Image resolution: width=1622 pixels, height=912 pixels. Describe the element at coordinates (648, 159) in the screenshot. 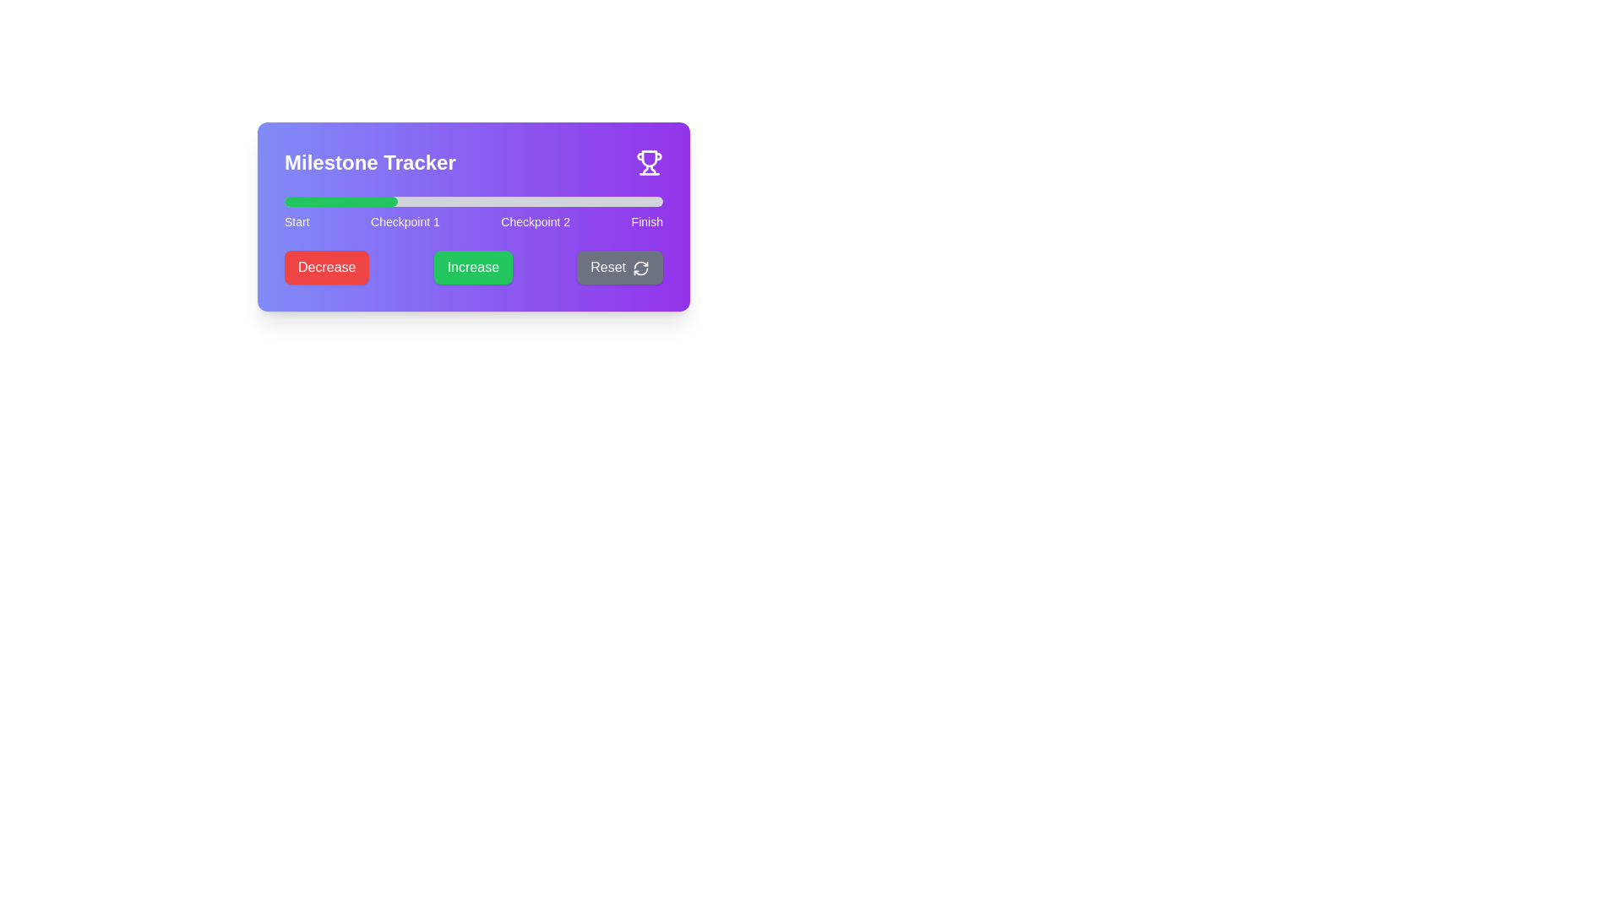

I see `the central part of the trophy icon graphic, which serves as a visual indicator for success, located in the upper-right area of the purple background labeled 'Milestone Tracker'` at that location.